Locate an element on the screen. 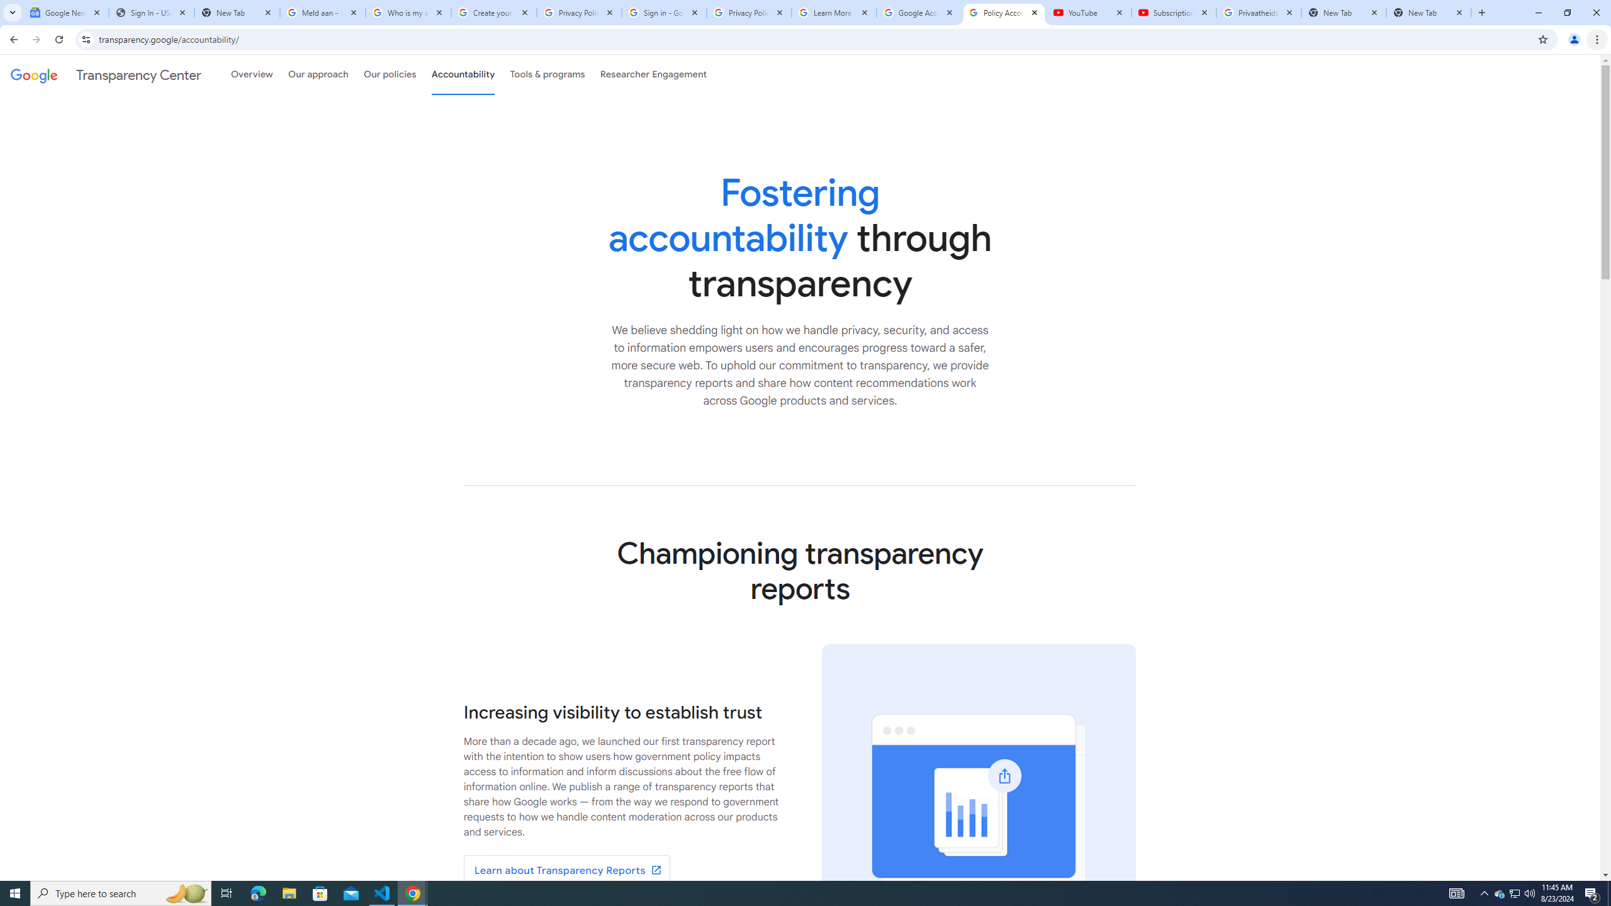  'Subscriptions - YouTube' is located at coordinates (1174, 12).